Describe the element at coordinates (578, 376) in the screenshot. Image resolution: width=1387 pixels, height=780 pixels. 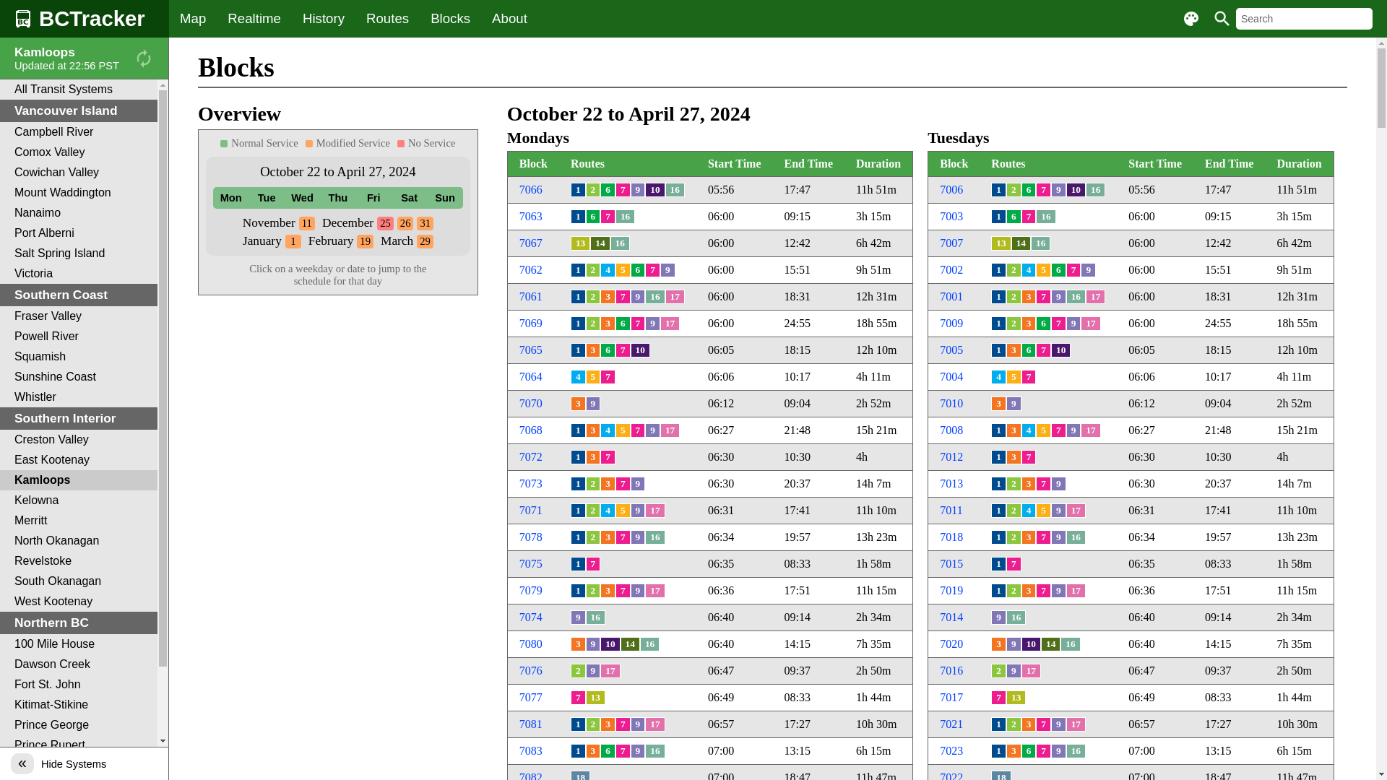
I see `'4'` at that location.